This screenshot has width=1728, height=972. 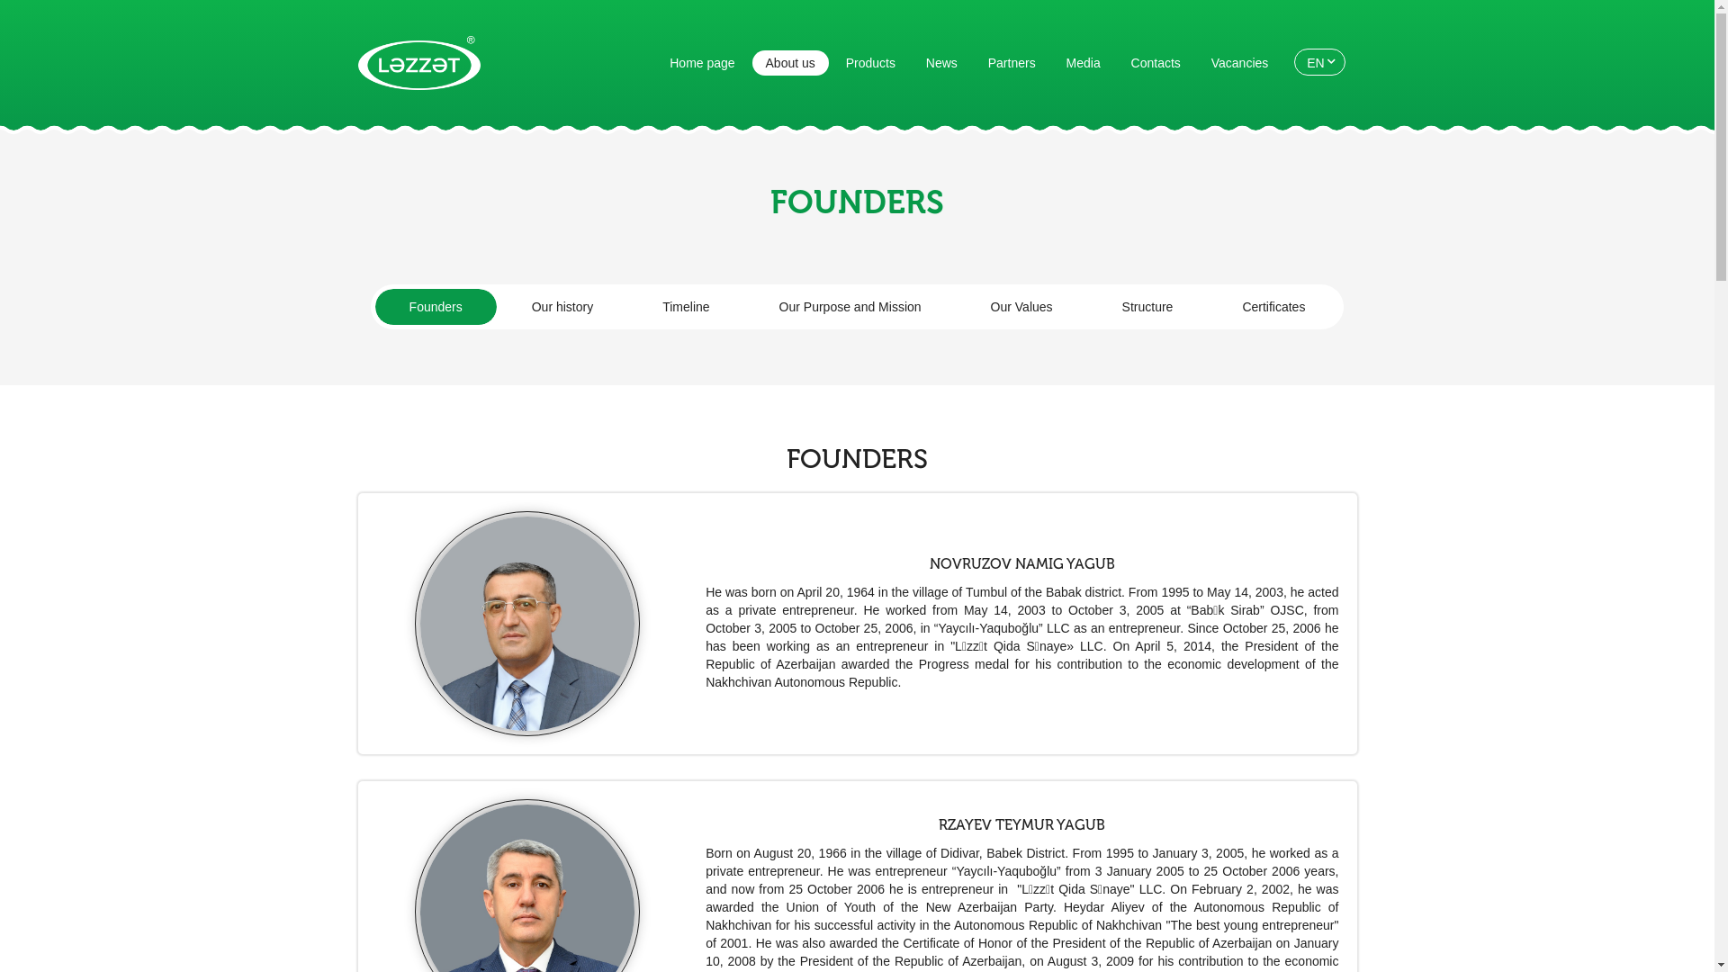 What do you see at coordinates (436, 305) in the screenshot?
I see `'Founders'` at bounding box center [436, 305].